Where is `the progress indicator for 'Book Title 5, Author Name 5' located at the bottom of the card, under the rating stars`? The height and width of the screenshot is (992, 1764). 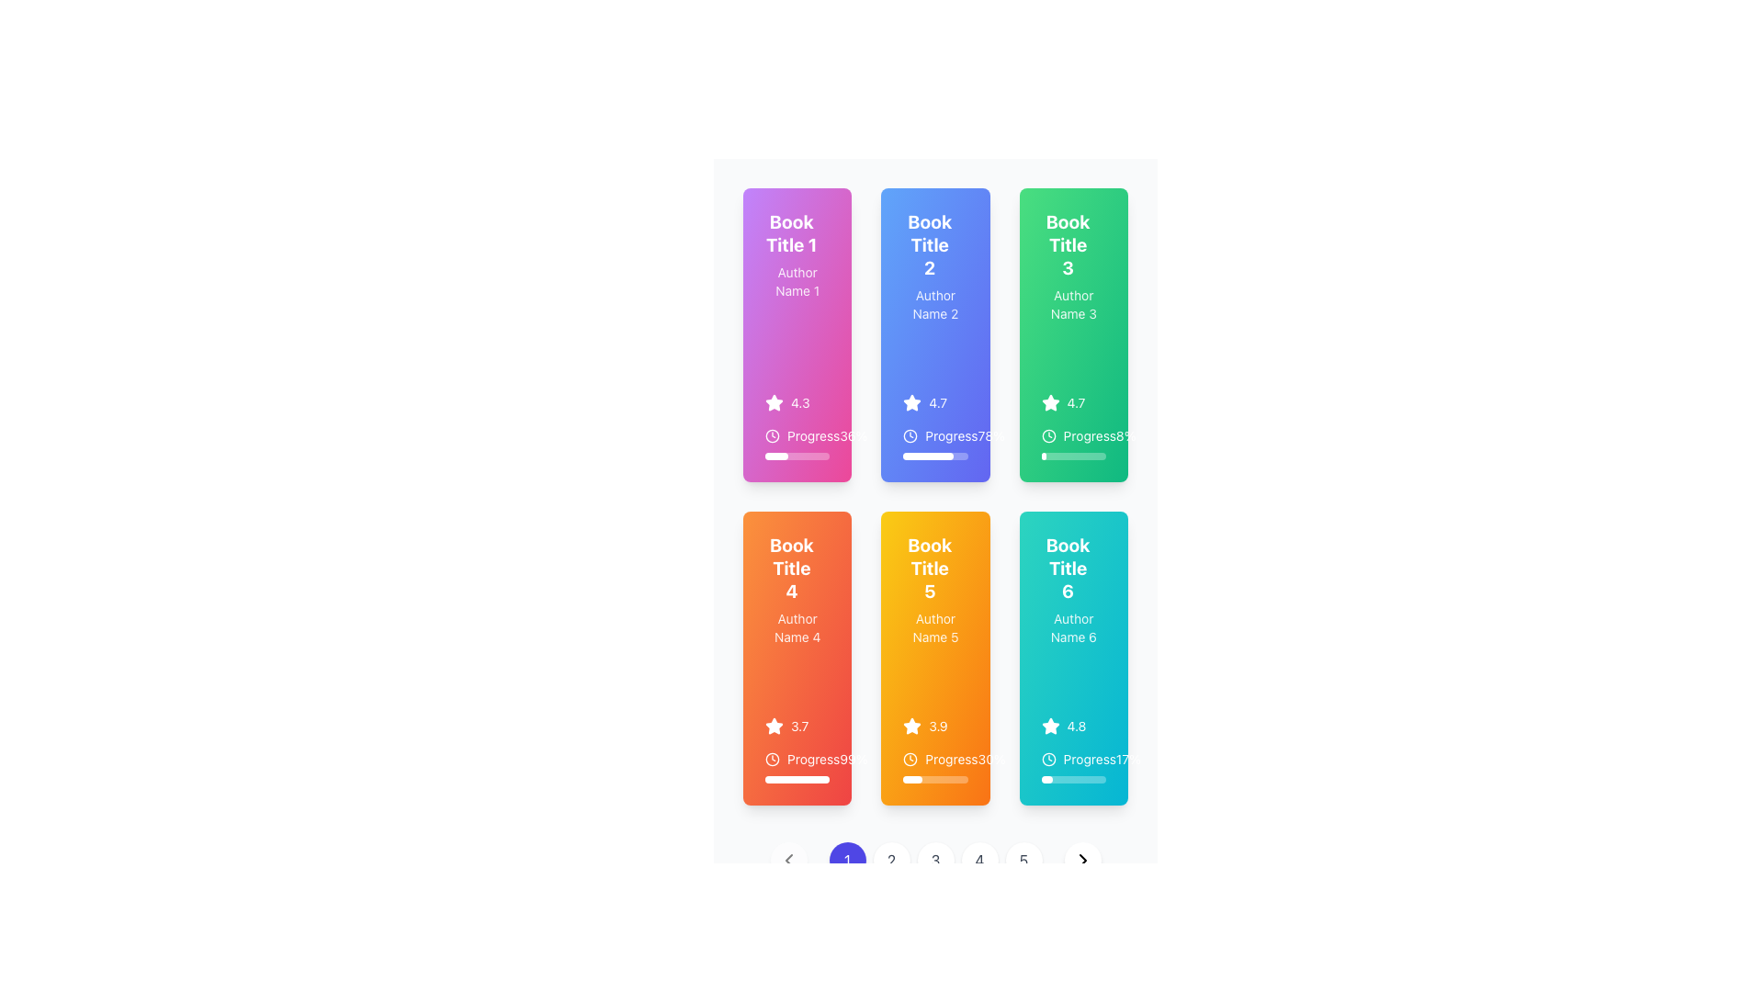 the progress indicator for 'Book Title 5, Author Name 5' located at the bottom of the card, under the rating stars is located at coordinates (935, 766).